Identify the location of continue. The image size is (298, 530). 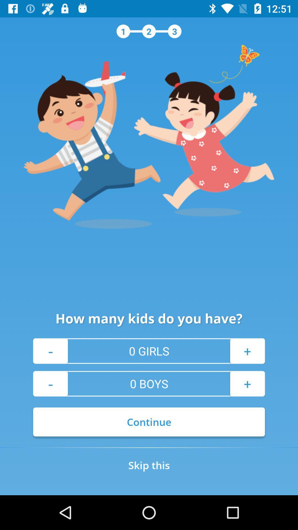
(149, 422).